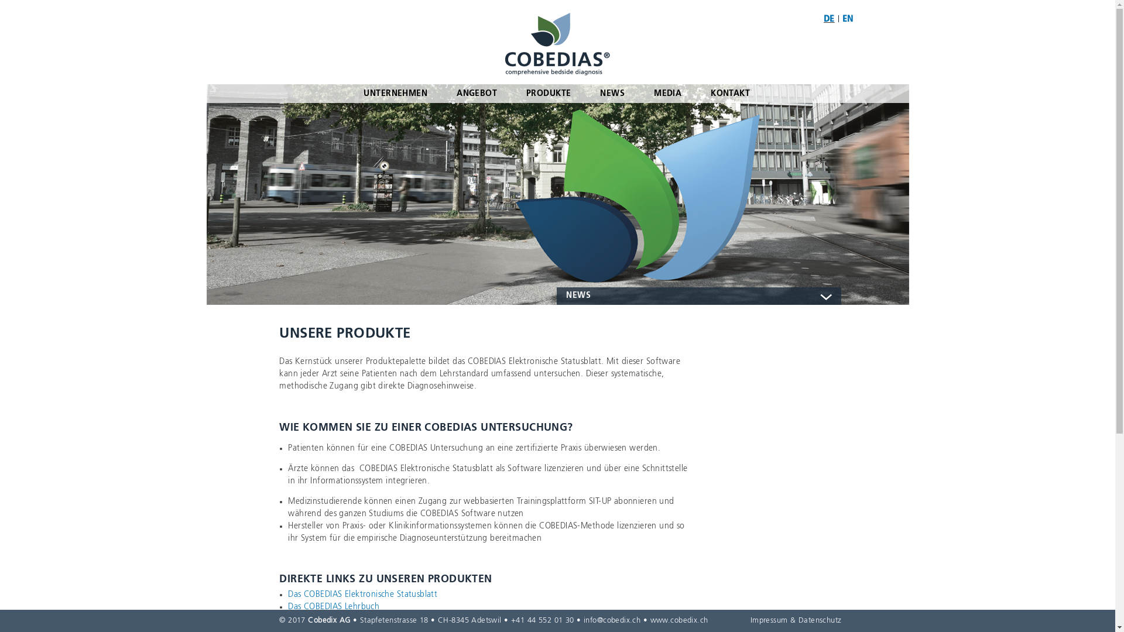 The image size is (1124, 632). What do you see at coordinates (649, 620) in the screenshot?
I see `'www.cobedix.ch'` at bounding box center [649, 620].